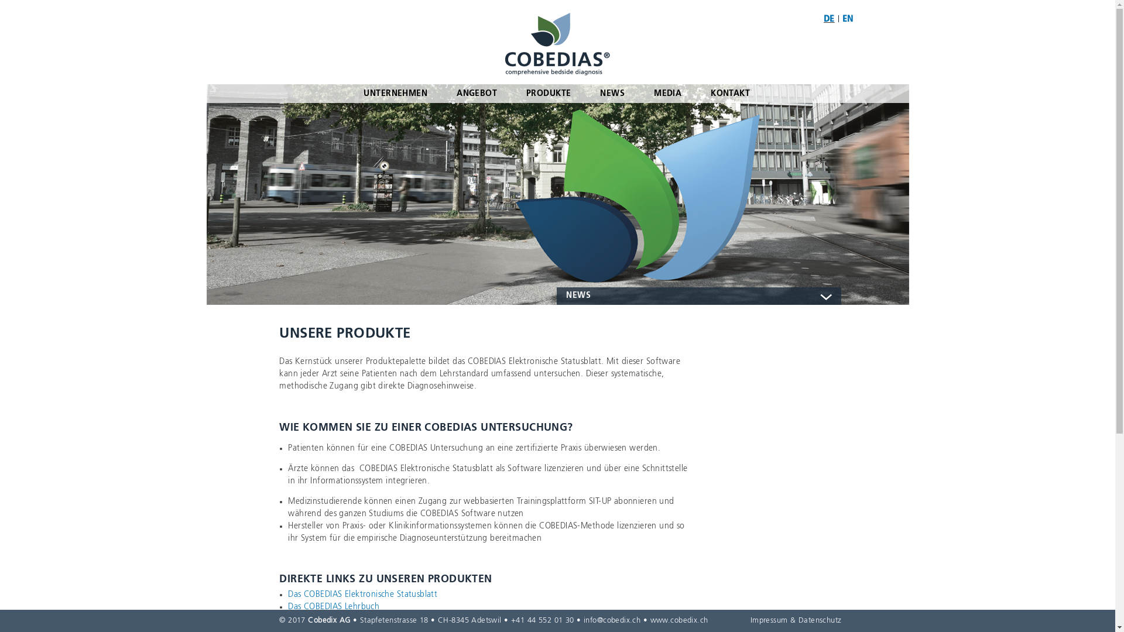 The image size is (1124, 632). What do you see at coordinates (649, 620) in the screenshot?
I see `'www.cobedix.ch'` at bounding box center [649, 620].